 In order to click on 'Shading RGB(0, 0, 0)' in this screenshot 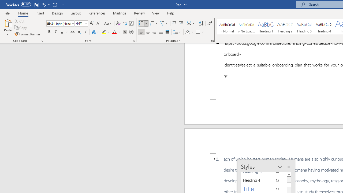, I will do `click(187, 32)`.